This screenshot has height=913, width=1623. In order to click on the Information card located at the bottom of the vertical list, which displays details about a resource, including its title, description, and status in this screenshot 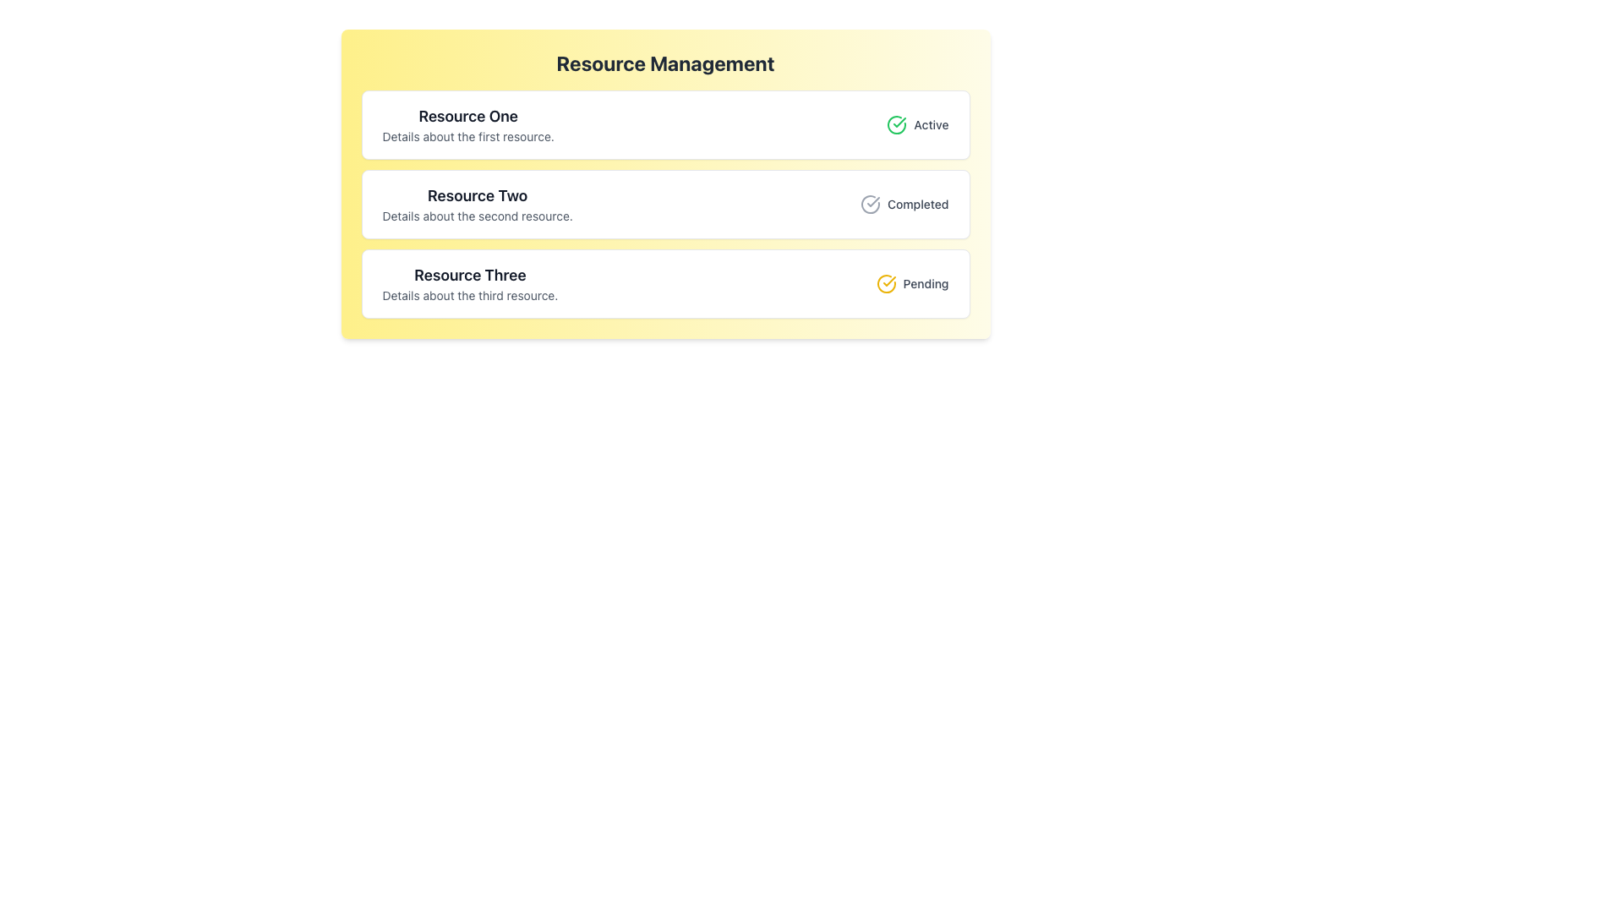, I will do `click(664, 282)`.